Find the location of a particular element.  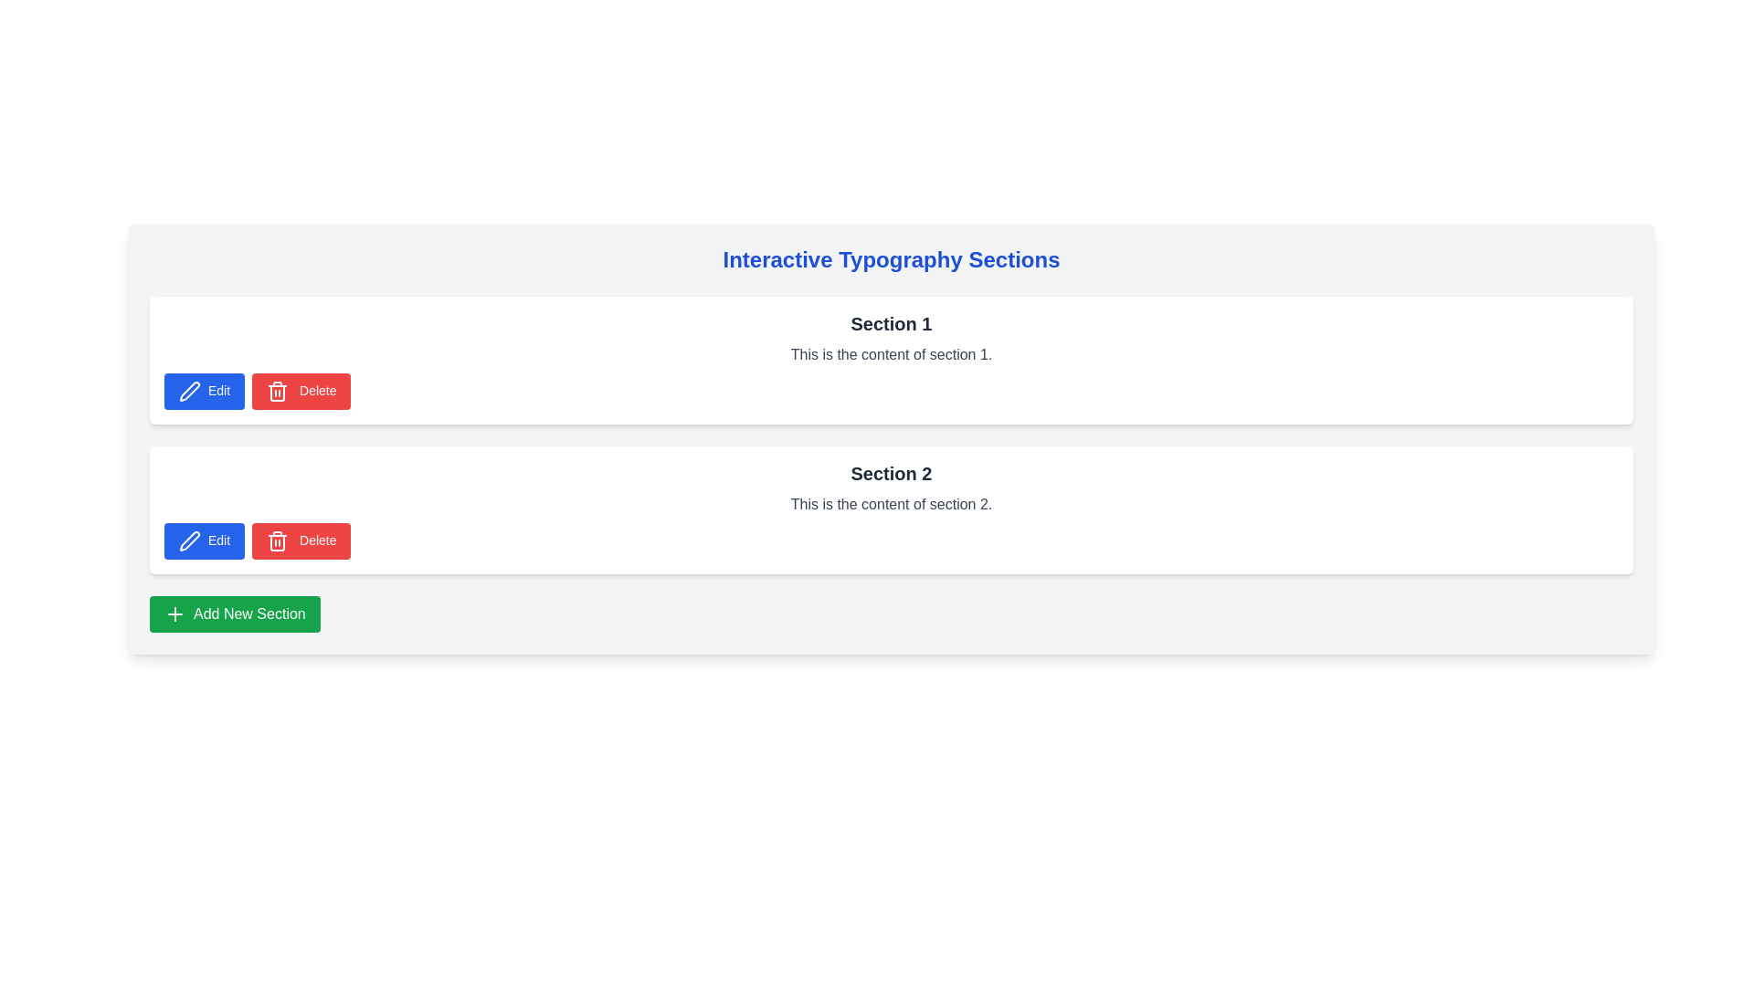

the 'Edit' button, which is a blue rectangular button with white text and a pen icon, located in the 'Section 2' area of the interface is located at coordinates (205, 540).